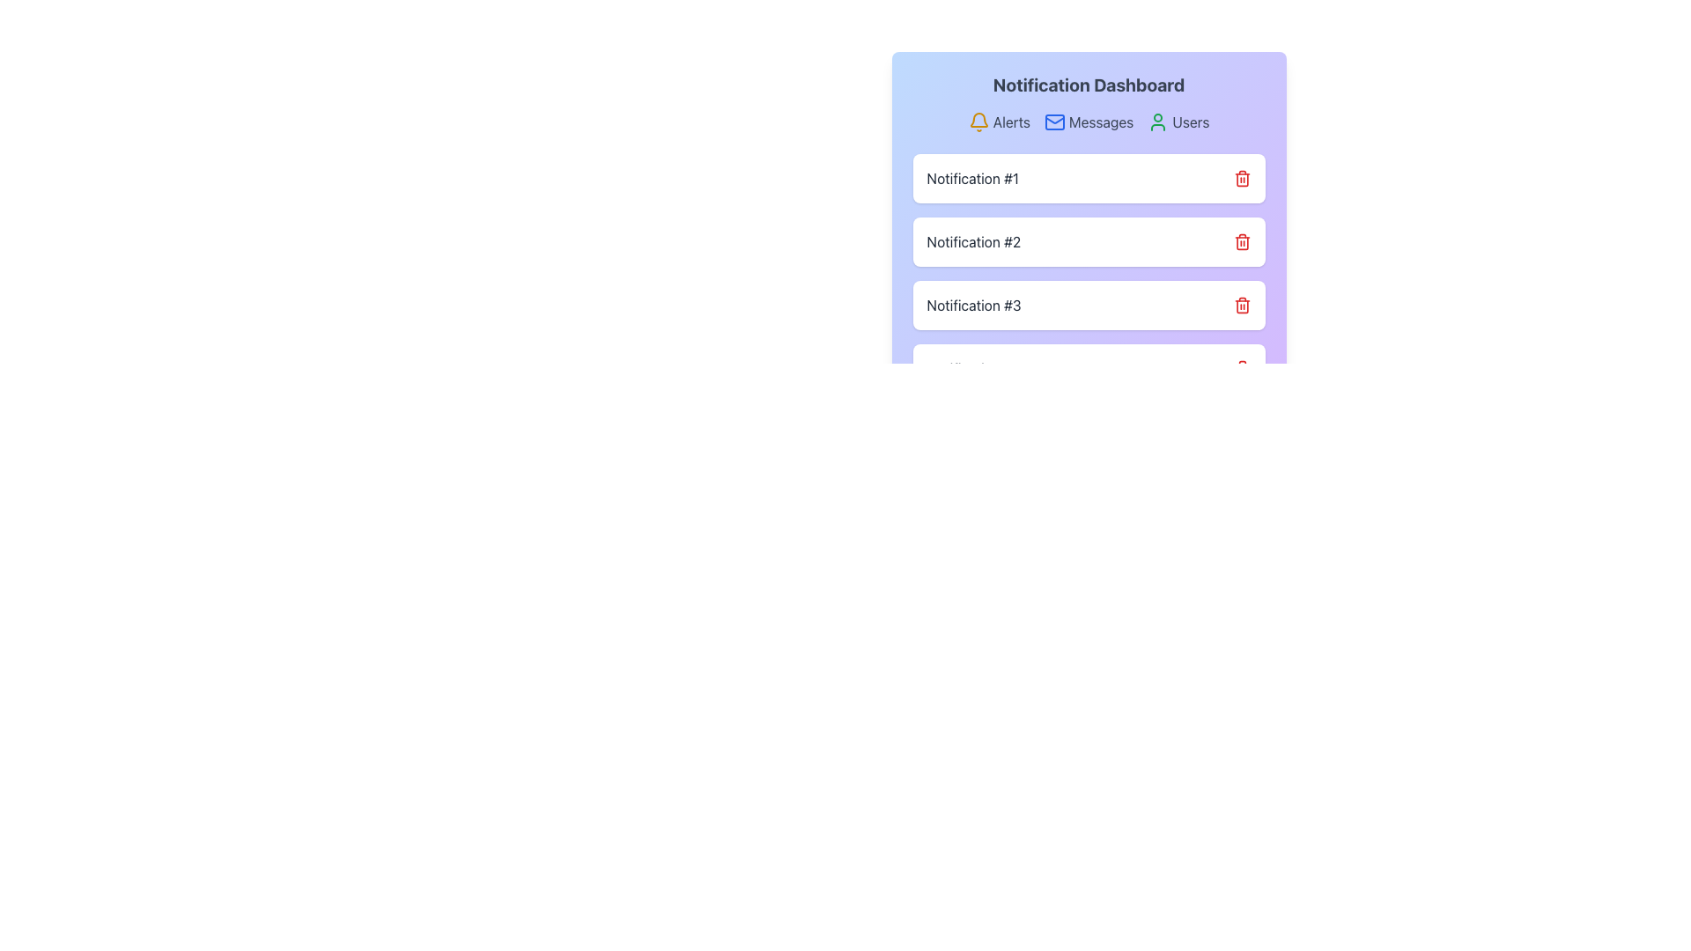 This screenshot has width=1691, height=951. Describe the element at coordinates (1088, 368) in the screenshot. I see `the Notification card that informs the user about 'Notification #4', positioned as the fourth item in the list of notifications` at that location.